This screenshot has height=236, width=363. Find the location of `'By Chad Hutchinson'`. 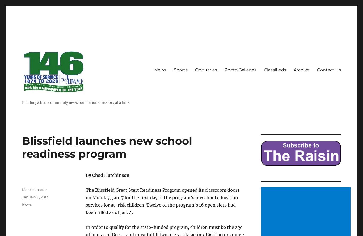

'By Chad Hutchinson' is located at coordinates (107, 175).